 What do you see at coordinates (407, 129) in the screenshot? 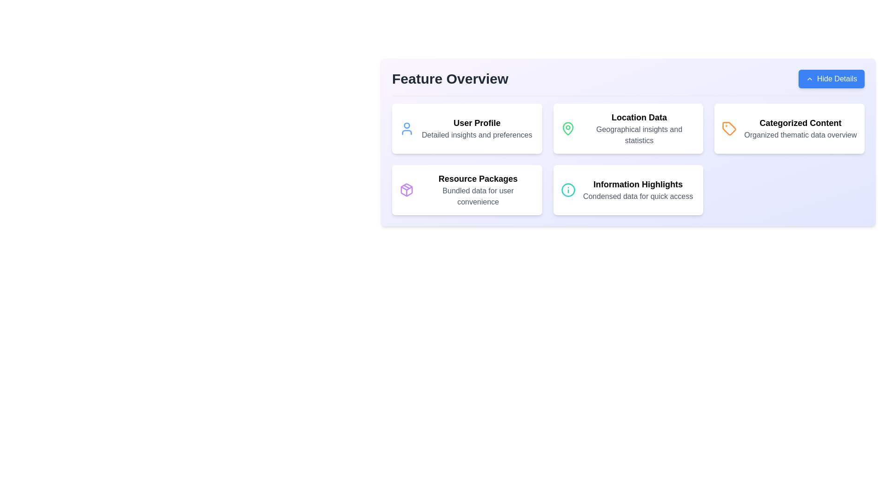
I see `the user icon in the top-left card of the feature grid, which is part of the 'User Profile' section` at bounding box center [407, 129].